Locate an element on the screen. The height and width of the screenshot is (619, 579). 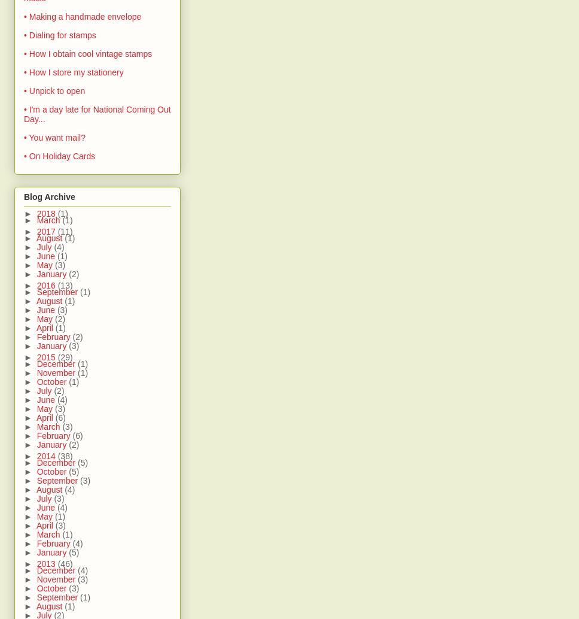
'(38)' is located at coordinates (65, 456).